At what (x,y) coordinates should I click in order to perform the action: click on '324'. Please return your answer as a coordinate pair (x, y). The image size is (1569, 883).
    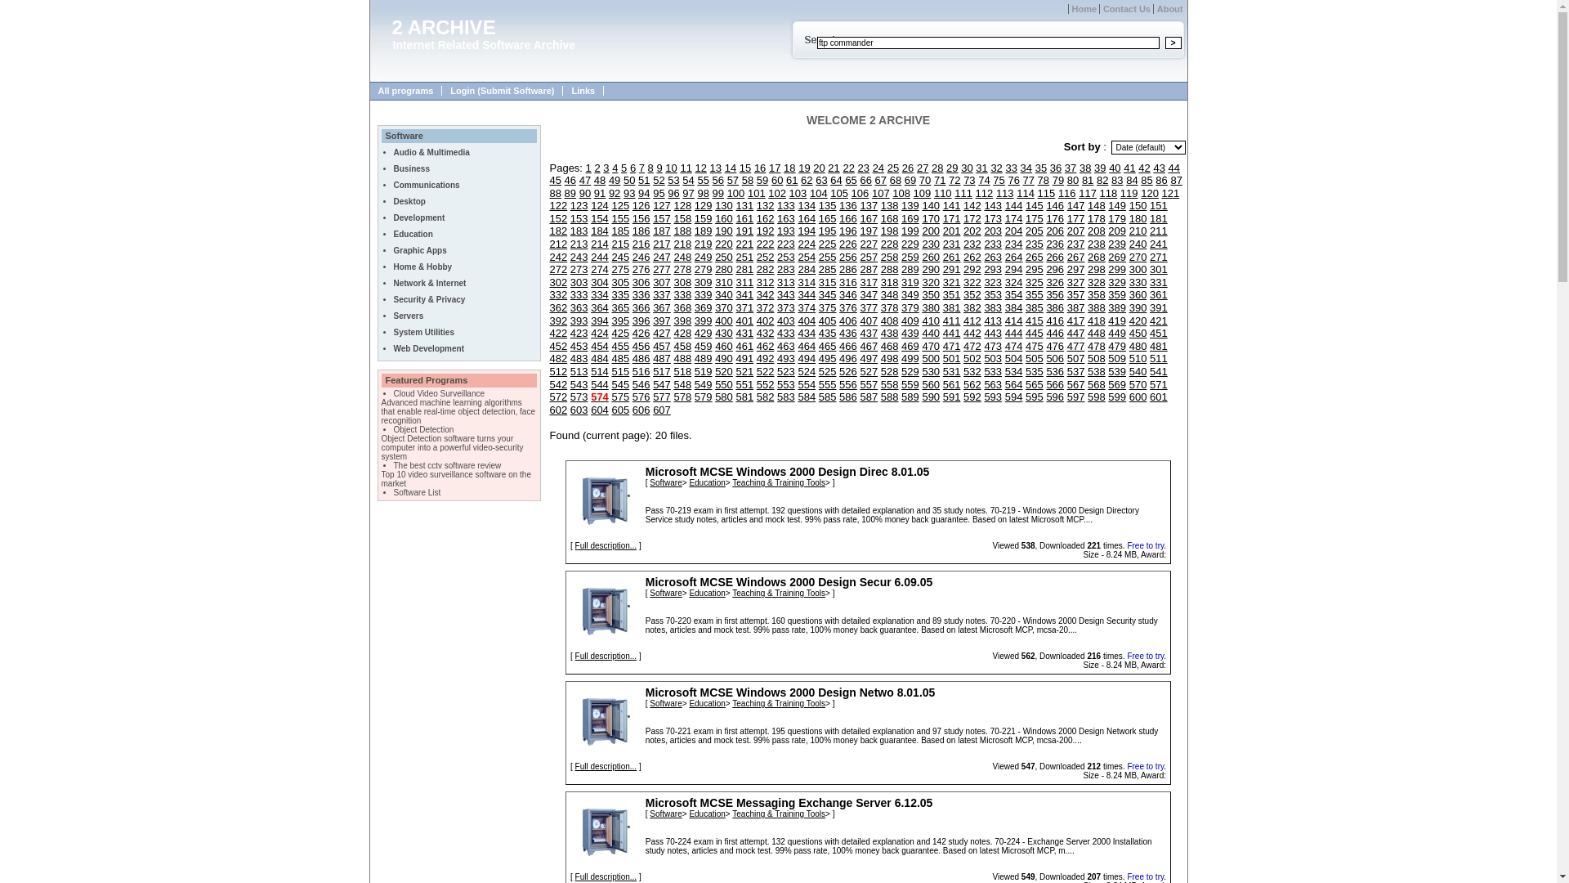
    Looking at the image, I should click on (1004, 281).